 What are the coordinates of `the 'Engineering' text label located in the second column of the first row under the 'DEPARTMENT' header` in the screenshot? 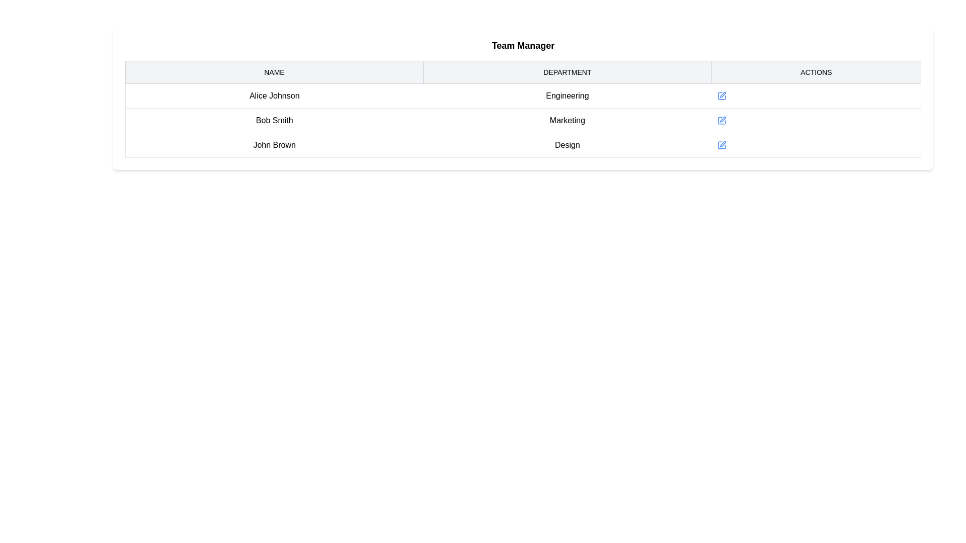 It's located at (568, 96).